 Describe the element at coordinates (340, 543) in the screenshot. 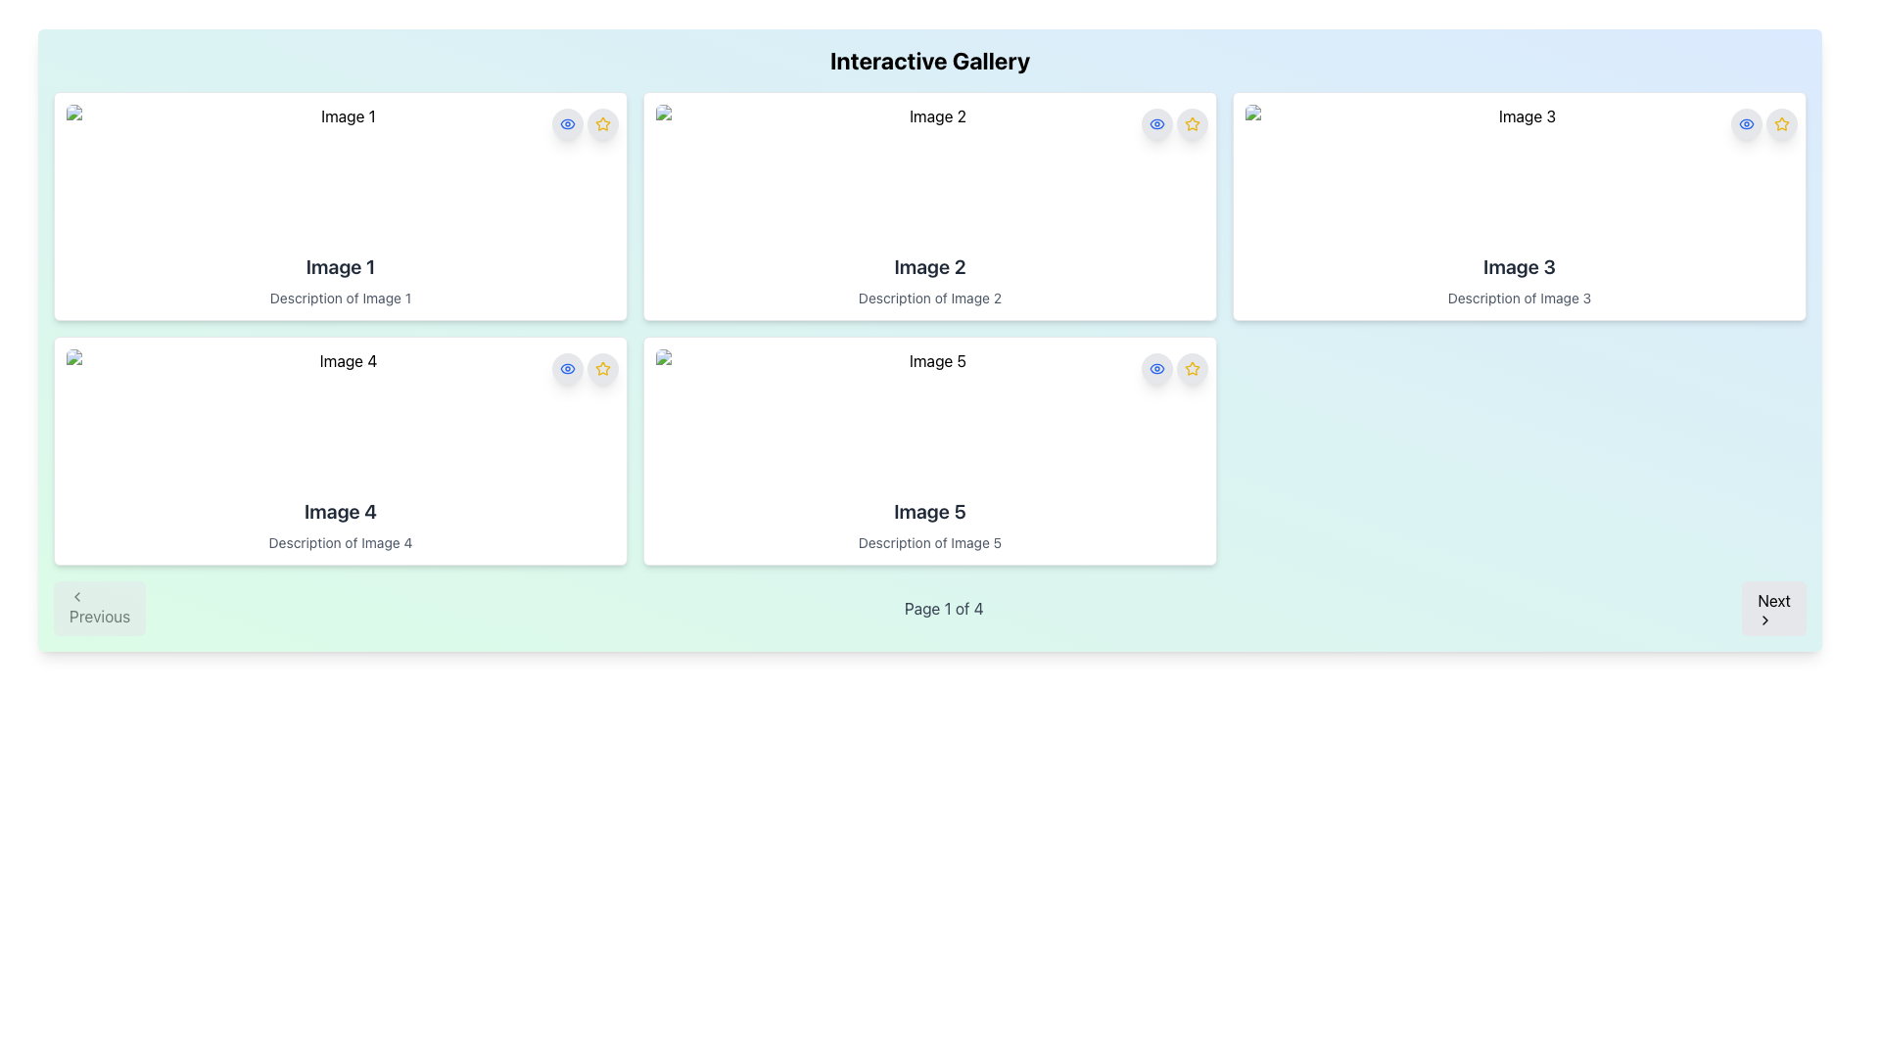

I see `text label displaying 'Description of Image 4', which is styled in grey and located beneath the title 'Image 4' in the fourth image gallery item` at that location.